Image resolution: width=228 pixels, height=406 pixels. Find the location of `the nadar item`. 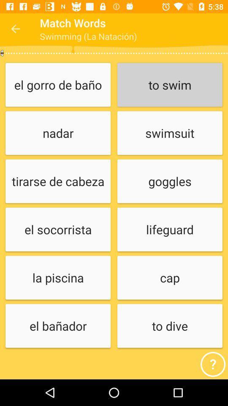

the nadar item is located at coordinates (57, 133).